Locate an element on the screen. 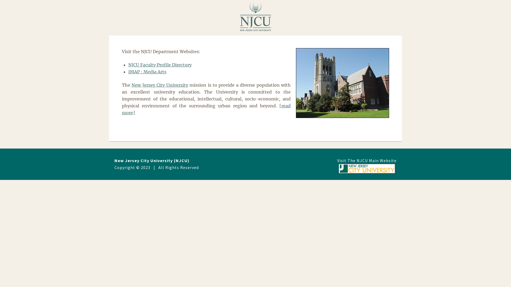  'New Jersey City University' is located at coordinates (159, 85).